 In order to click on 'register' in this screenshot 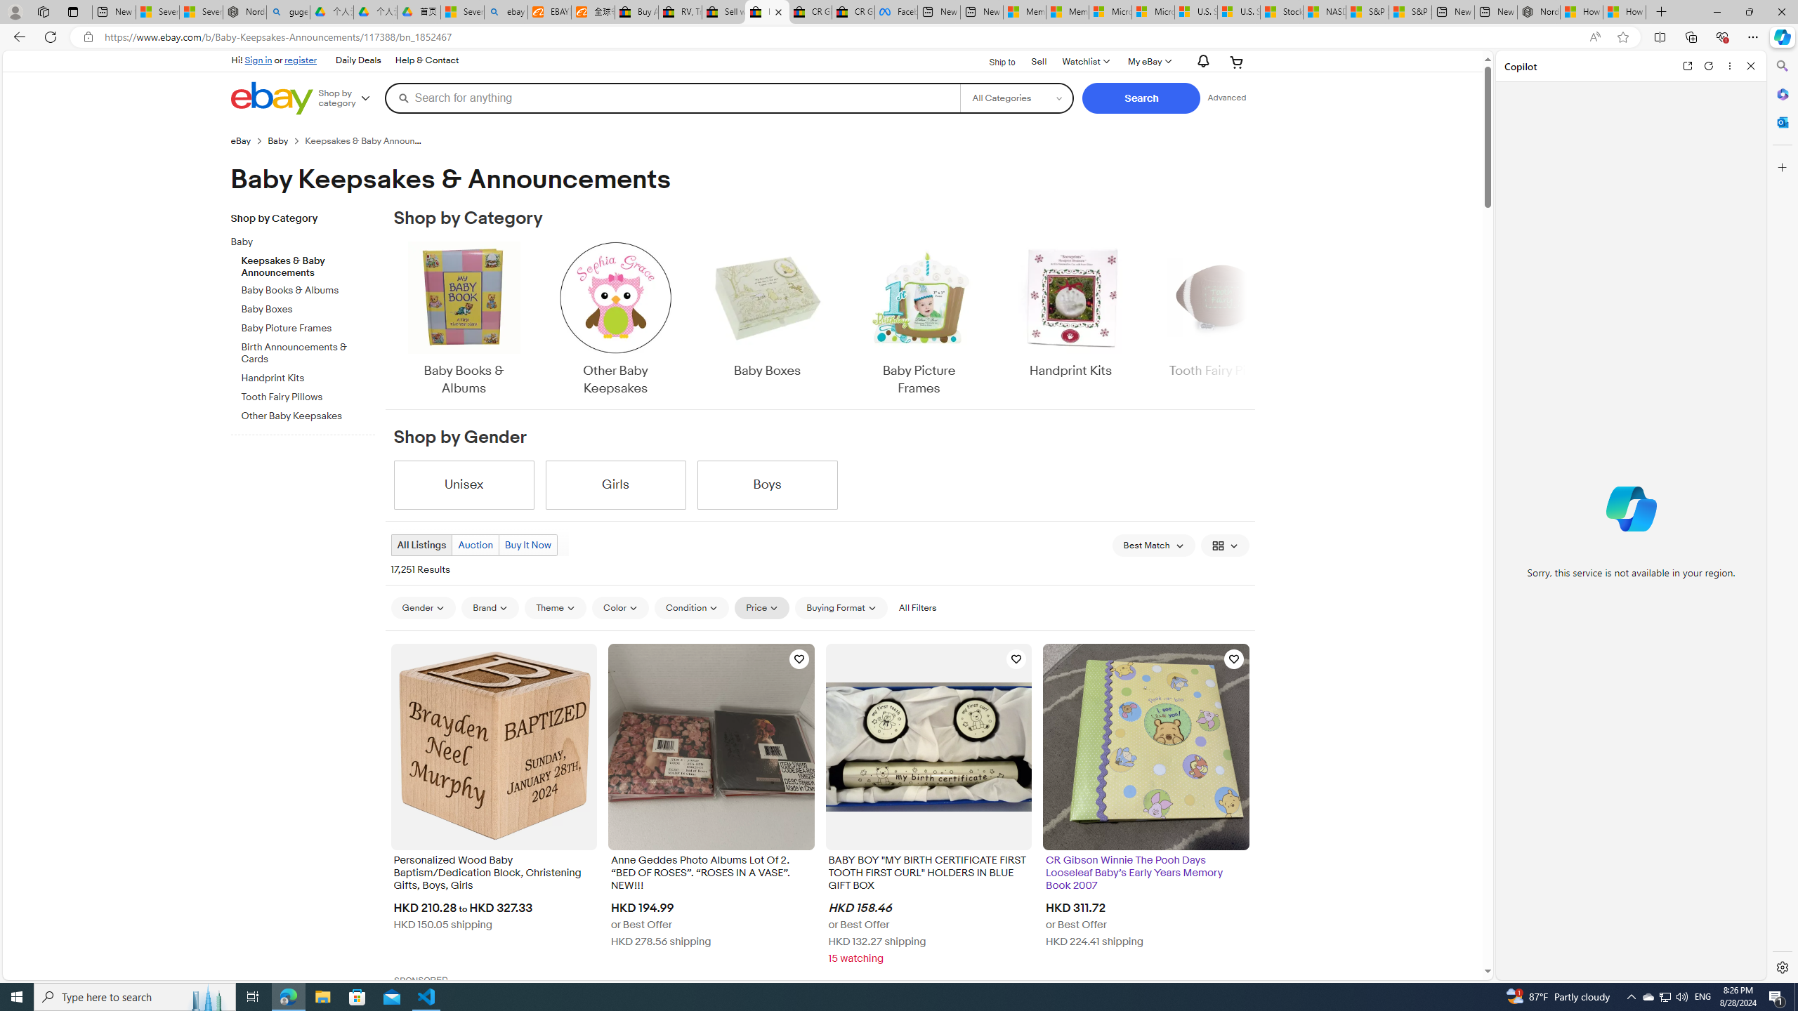, I will do `click(301, 59)`.